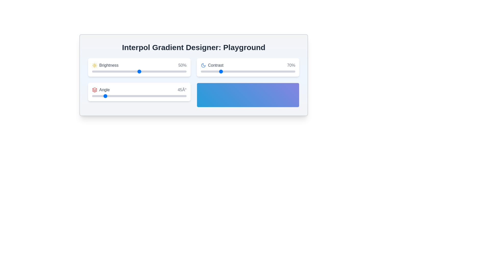  Describe the element at coordinates (148, 72) in the screenshot. I see `brightness level` at that location.